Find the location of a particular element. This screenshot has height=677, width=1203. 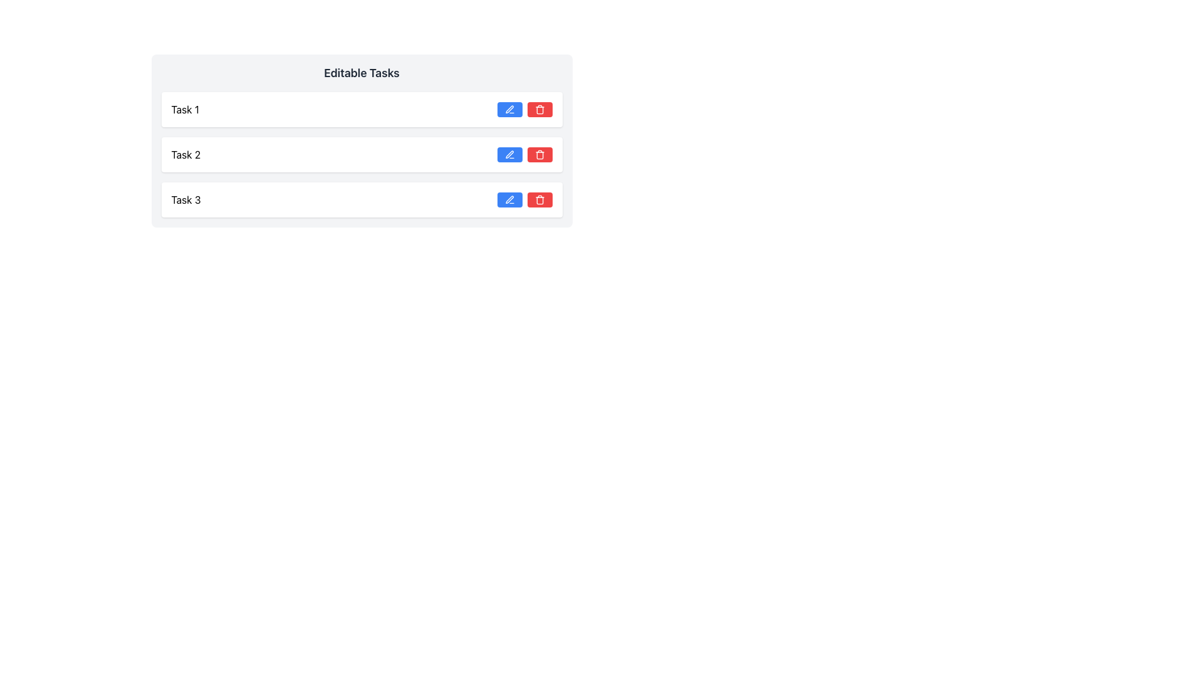

text label of the third task in the task list, which is aligned to the left under the second task item is located at coordinates (185, 199).